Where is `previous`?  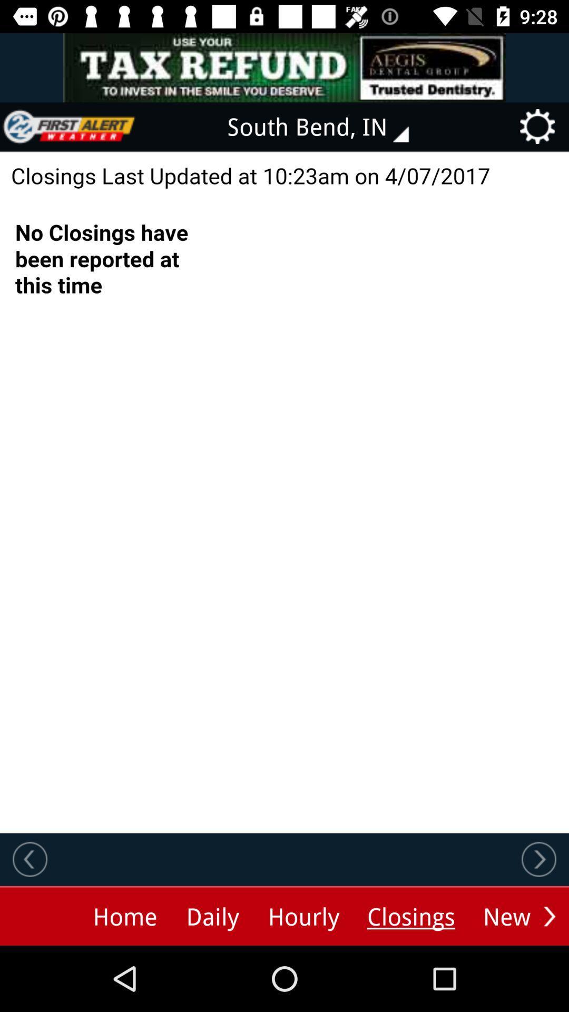
previous is located at coordinates (30, 859).